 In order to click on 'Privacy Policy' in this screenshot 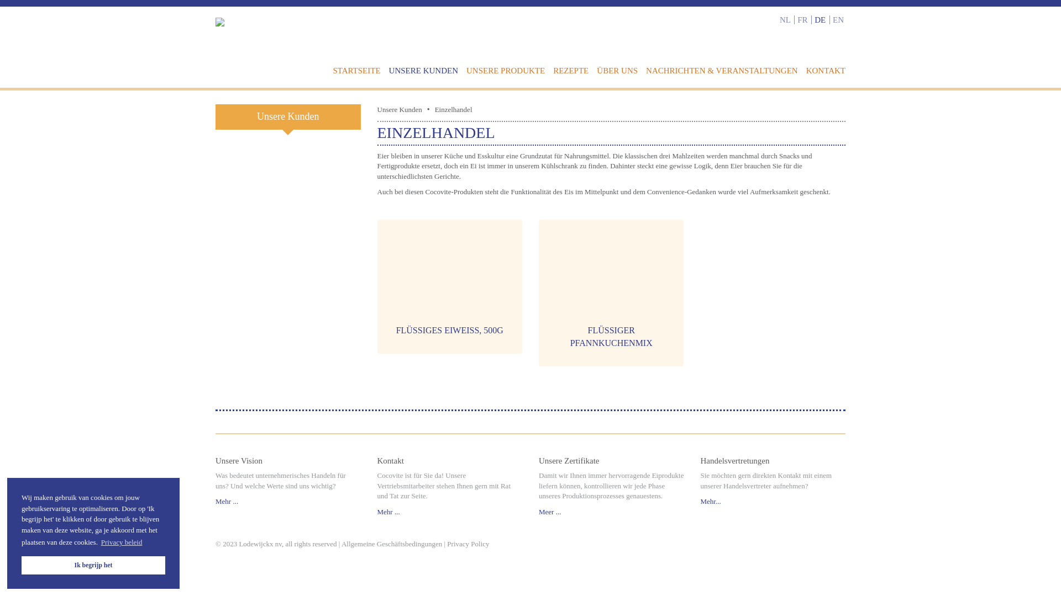, I will do `click(468, 543)`.